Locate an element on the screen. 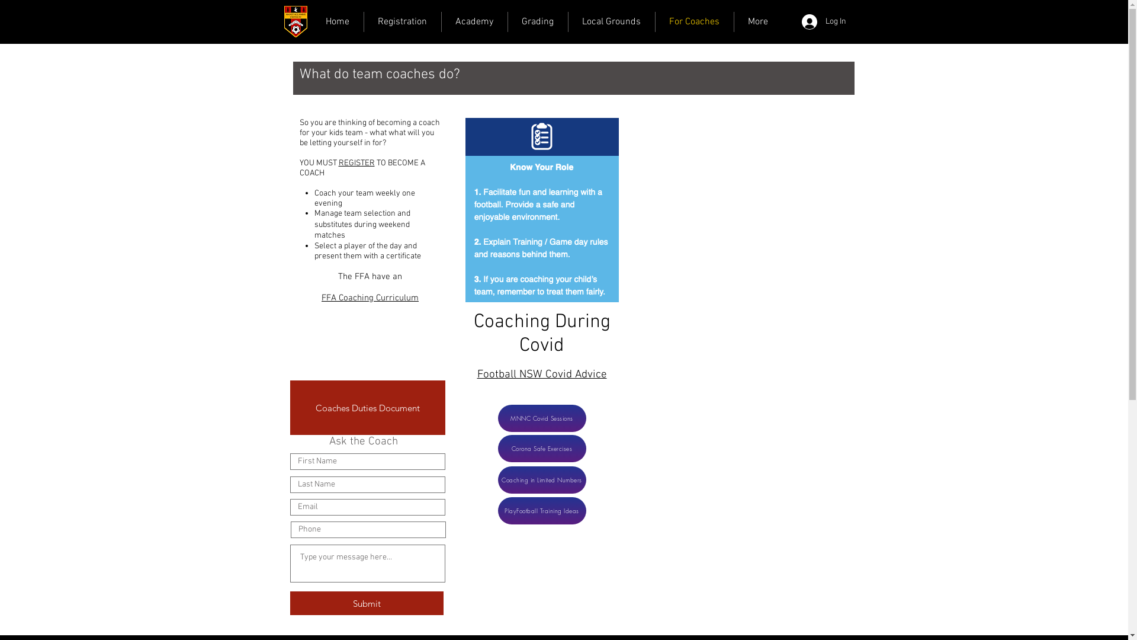  'Academy' is located at coordinates (474, 22).